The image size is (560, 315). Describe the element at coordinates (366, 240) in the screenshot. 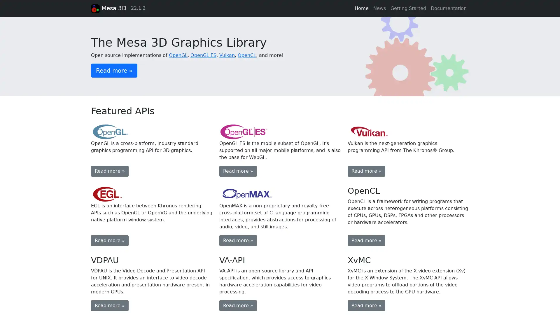

I see `Read more` at that location.